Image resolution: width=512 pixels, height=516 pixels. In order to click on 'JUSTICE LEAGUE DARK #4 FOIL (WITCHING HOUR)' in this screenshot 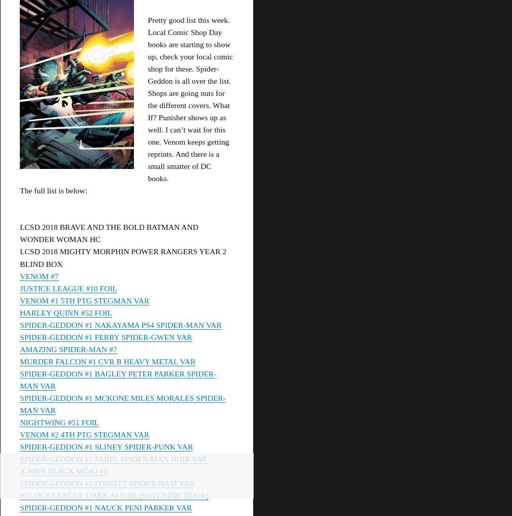, I will do `click(114, 495)`.